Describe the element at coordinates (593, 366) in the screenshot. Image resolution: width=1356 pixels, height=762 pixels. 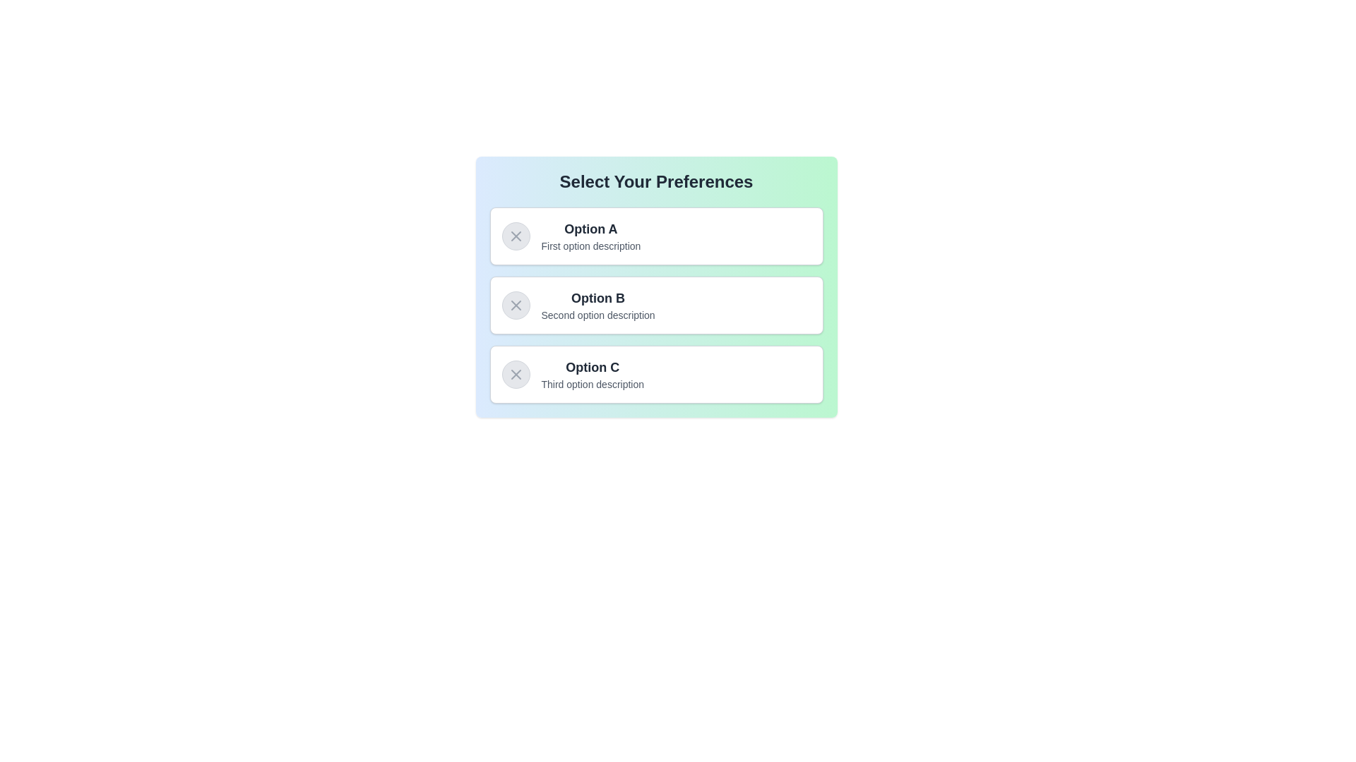
I see `the text label 'Option C', which is bold and larger than surrounding text, located above the description 'Third option description' and to the right of a circular icon` at that location.